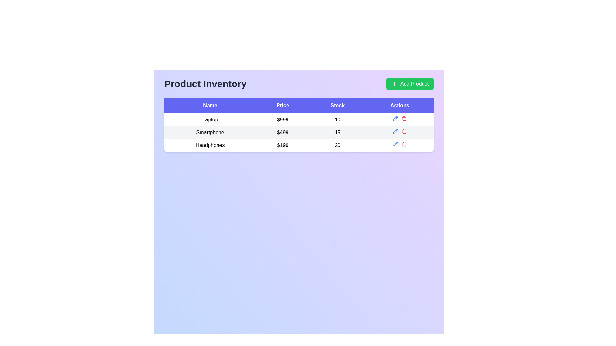 The width and height of the screenshot is (616, 346). Describe the element at coordinates (399, 119) in the screenshot. I see `the interactive icons within the Action Group located in the rightmost column labeled 'Actions' of the first row for the 'Laptop' item` at that location.